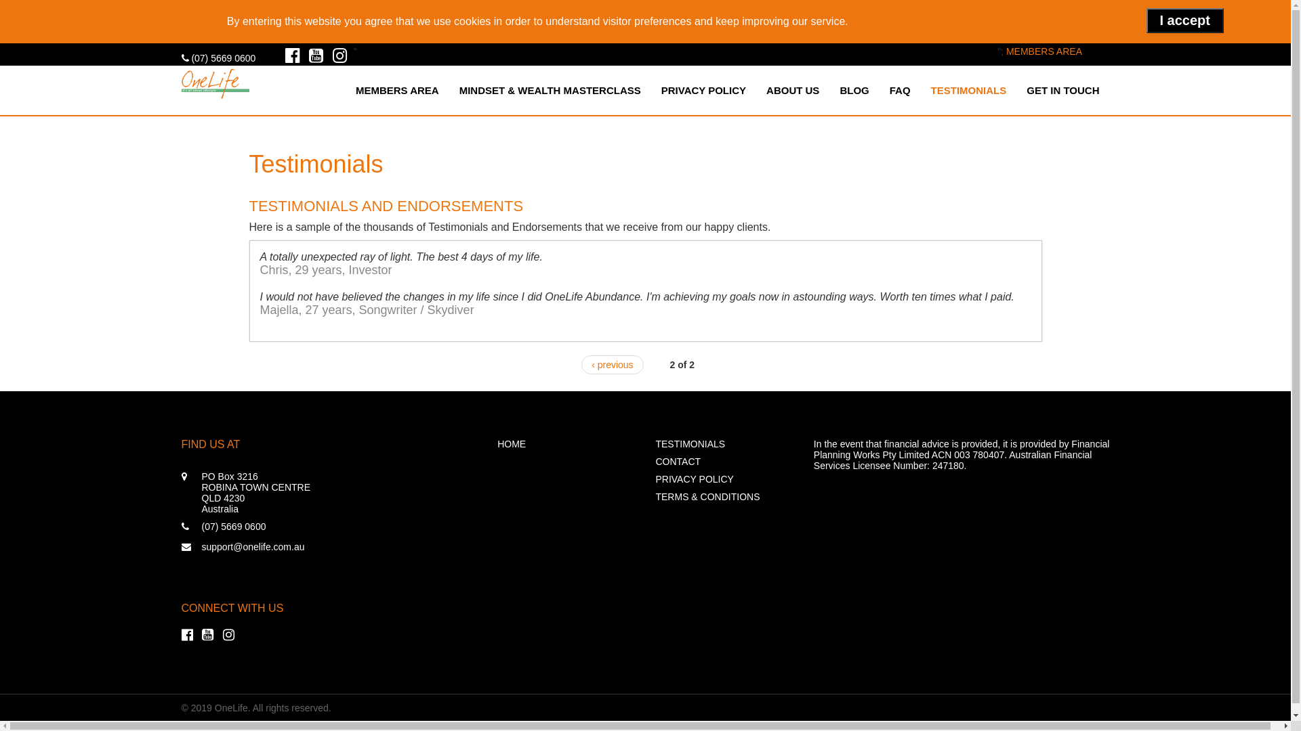  I want to click on 'FAQ', so click(879, 90).